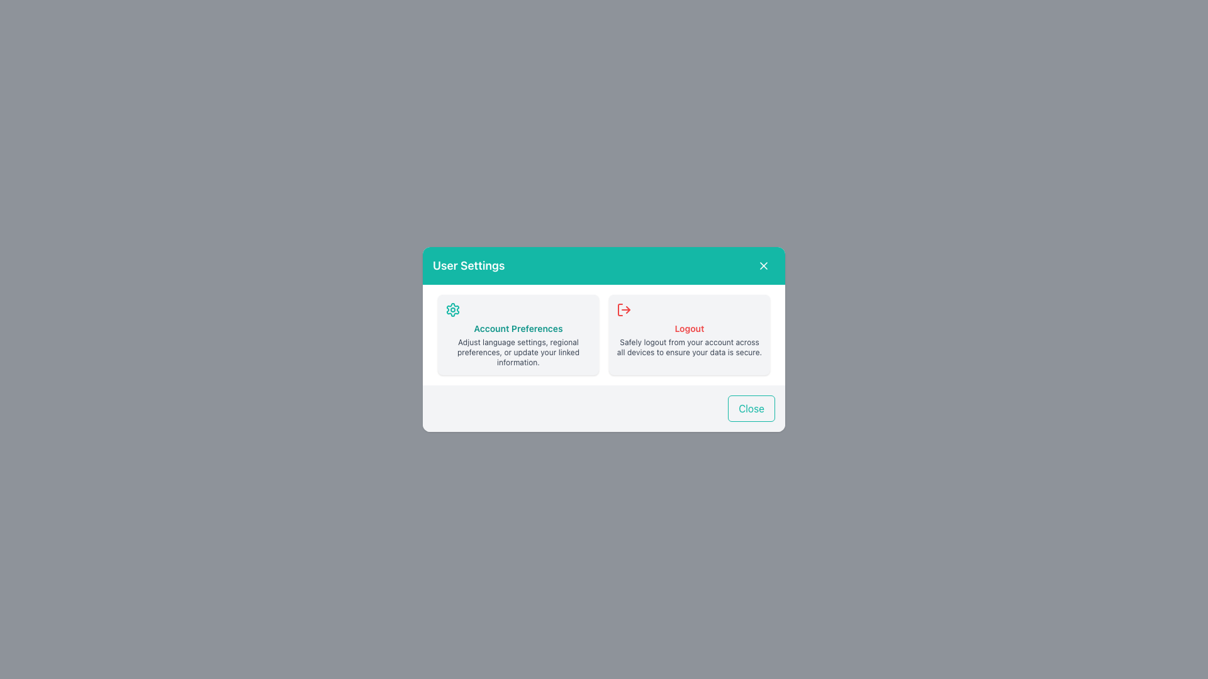  Describe the element at coordinates (518, 352) in the screenshot. I see `the informational text block that contains the message 'Adjust language settings, regional preferences, or update your linked information.' located beneath the 'Account Preferences' header in the user settings modal` at that location.